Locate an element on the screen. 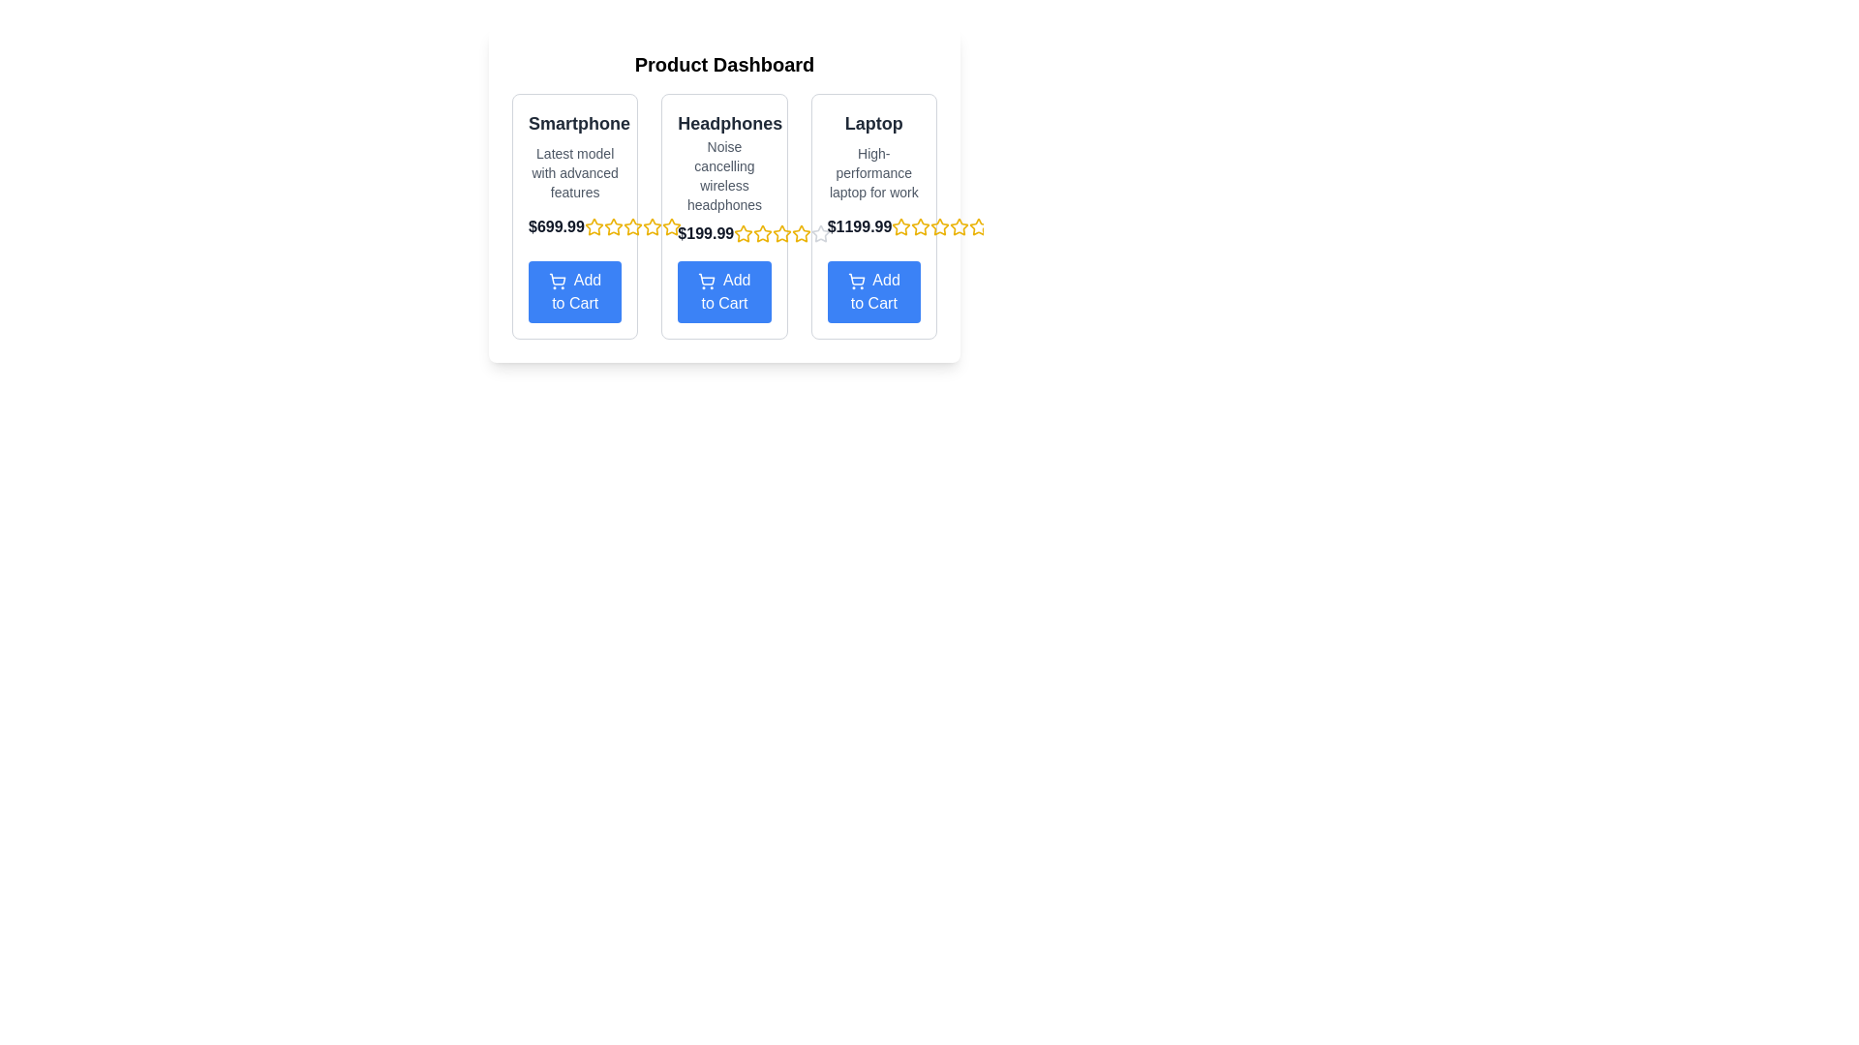  the star icon at the far right end of the rating system beneath the 'Laptop' description in the product catalog display is located at coordinates (979, 225).